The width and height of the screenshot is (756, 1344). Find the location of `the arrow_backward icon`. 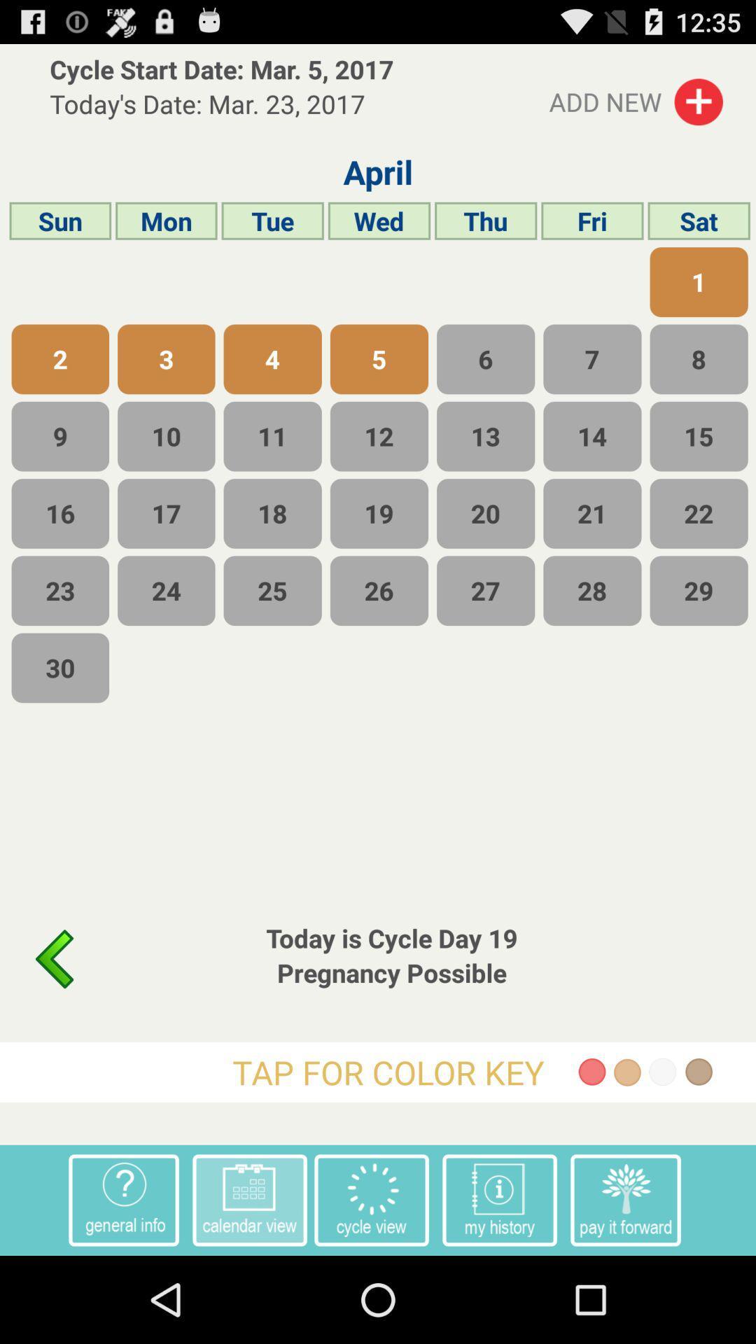

the arrow_backward icon is located at coordinates (53, 1026).